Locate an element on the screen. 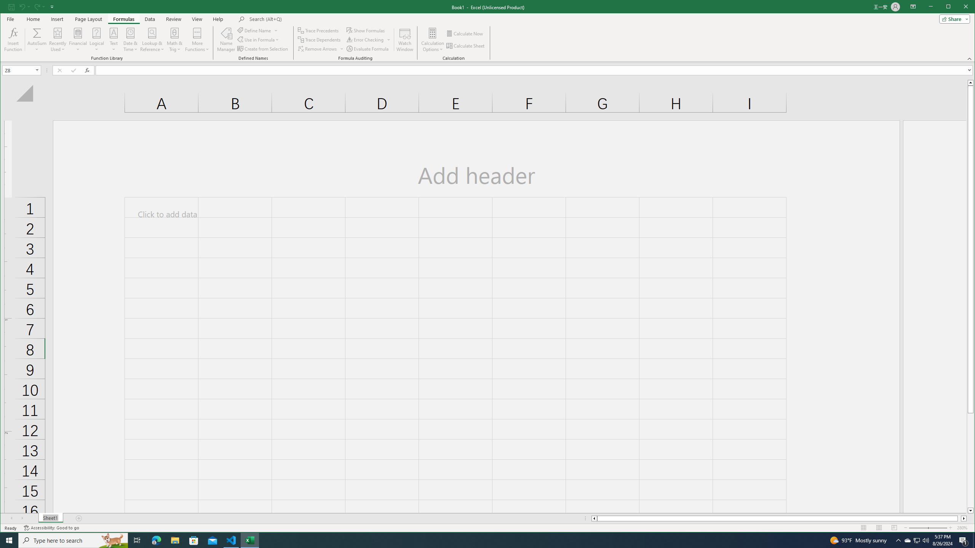 Image resolution: width=975 pixels, height=548 pixels. 'Error Checking...' is located at coordinates (368, 40).